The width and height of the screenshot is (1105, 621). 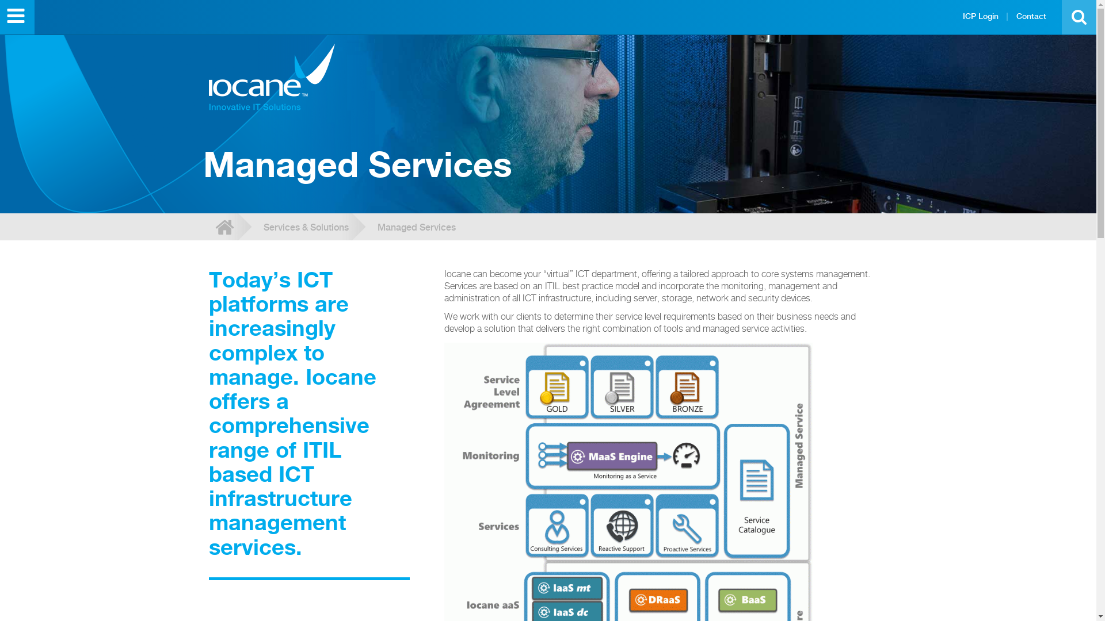 I want to click on 'Contact', so click(x=1031, y=16).